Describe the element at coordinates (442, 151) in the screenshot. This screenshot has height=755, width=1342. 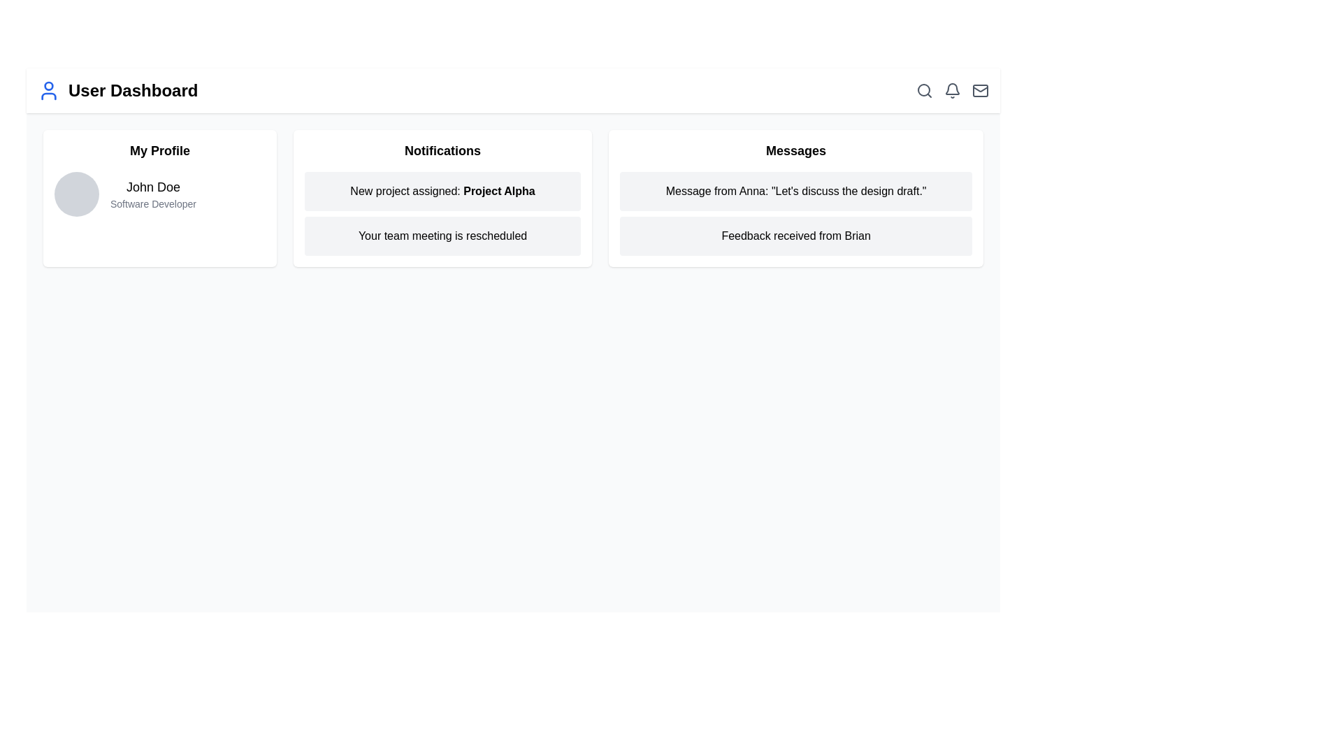
I see `the header text at the top of the notification card, which indicates the subject of the associated content` at that location.